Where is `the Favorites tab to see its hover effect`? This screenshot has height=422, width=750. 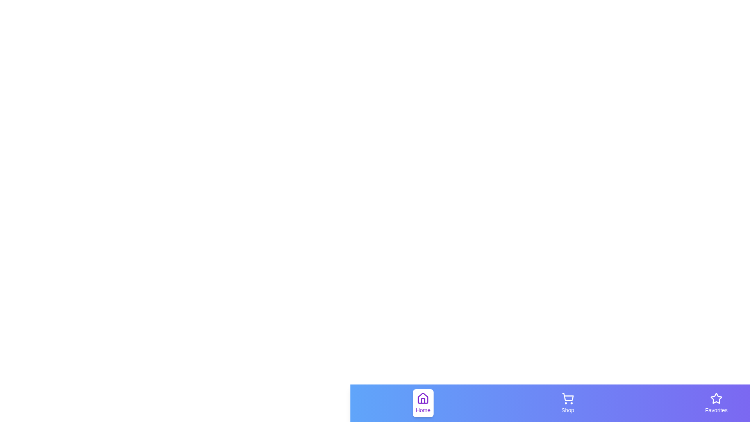
the Favorites tab to see its hover effect is located at coordinates (716, 403).